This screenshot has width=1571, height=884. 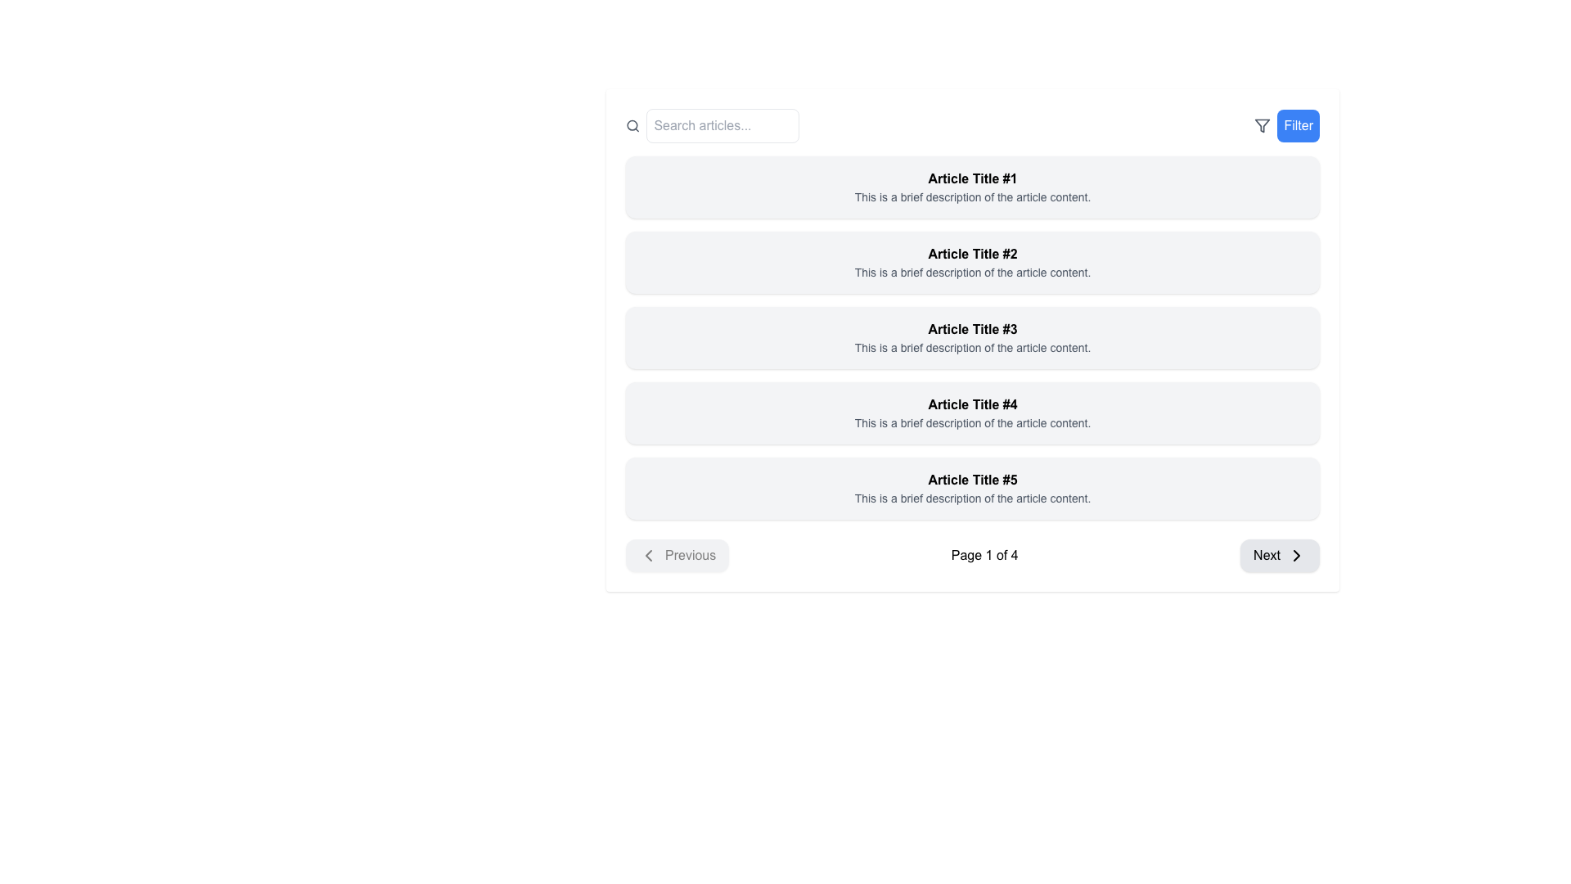 What do you see at coordinates (973, 479) in the screenshot?
I see `the title text of the fifth article entry, which serves as a quick identification for the corresponding article and is non-interactive` at bounding box center [973, 479].